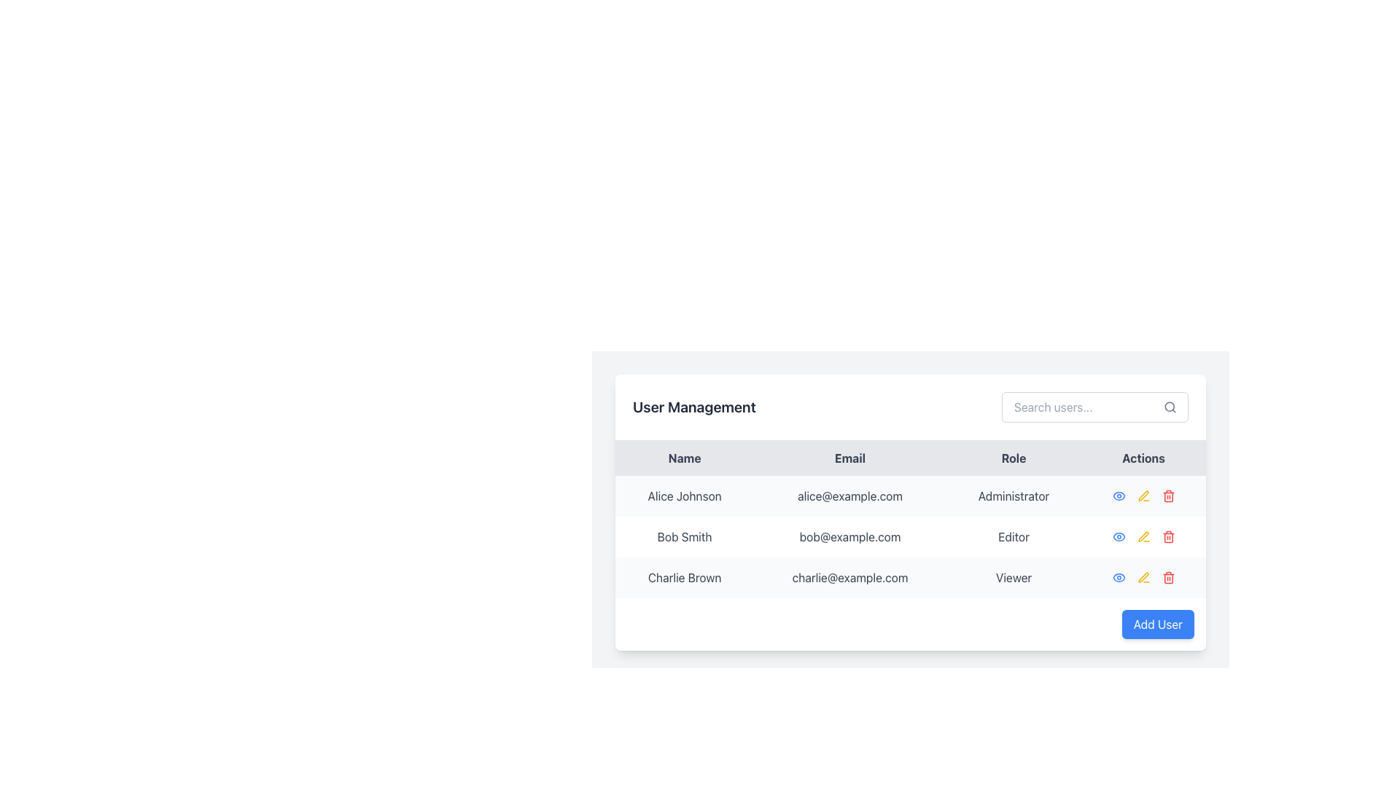  What do you see at coordinates (1157, 623) in the screenshot?
I see `the 'Add User' button, which is a rectangular button with rounded corners and a blue background, located at the bottom-right of the user management panel` at bounding box center [1157, 623].